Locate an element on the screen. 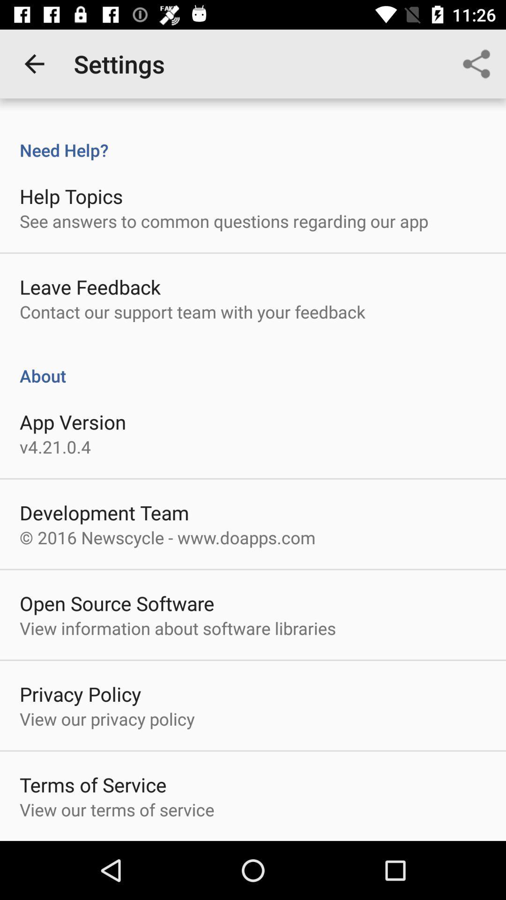 The width and height of the screenshot is (506, 900). the open source software icon is located at coordinates (116, 603).